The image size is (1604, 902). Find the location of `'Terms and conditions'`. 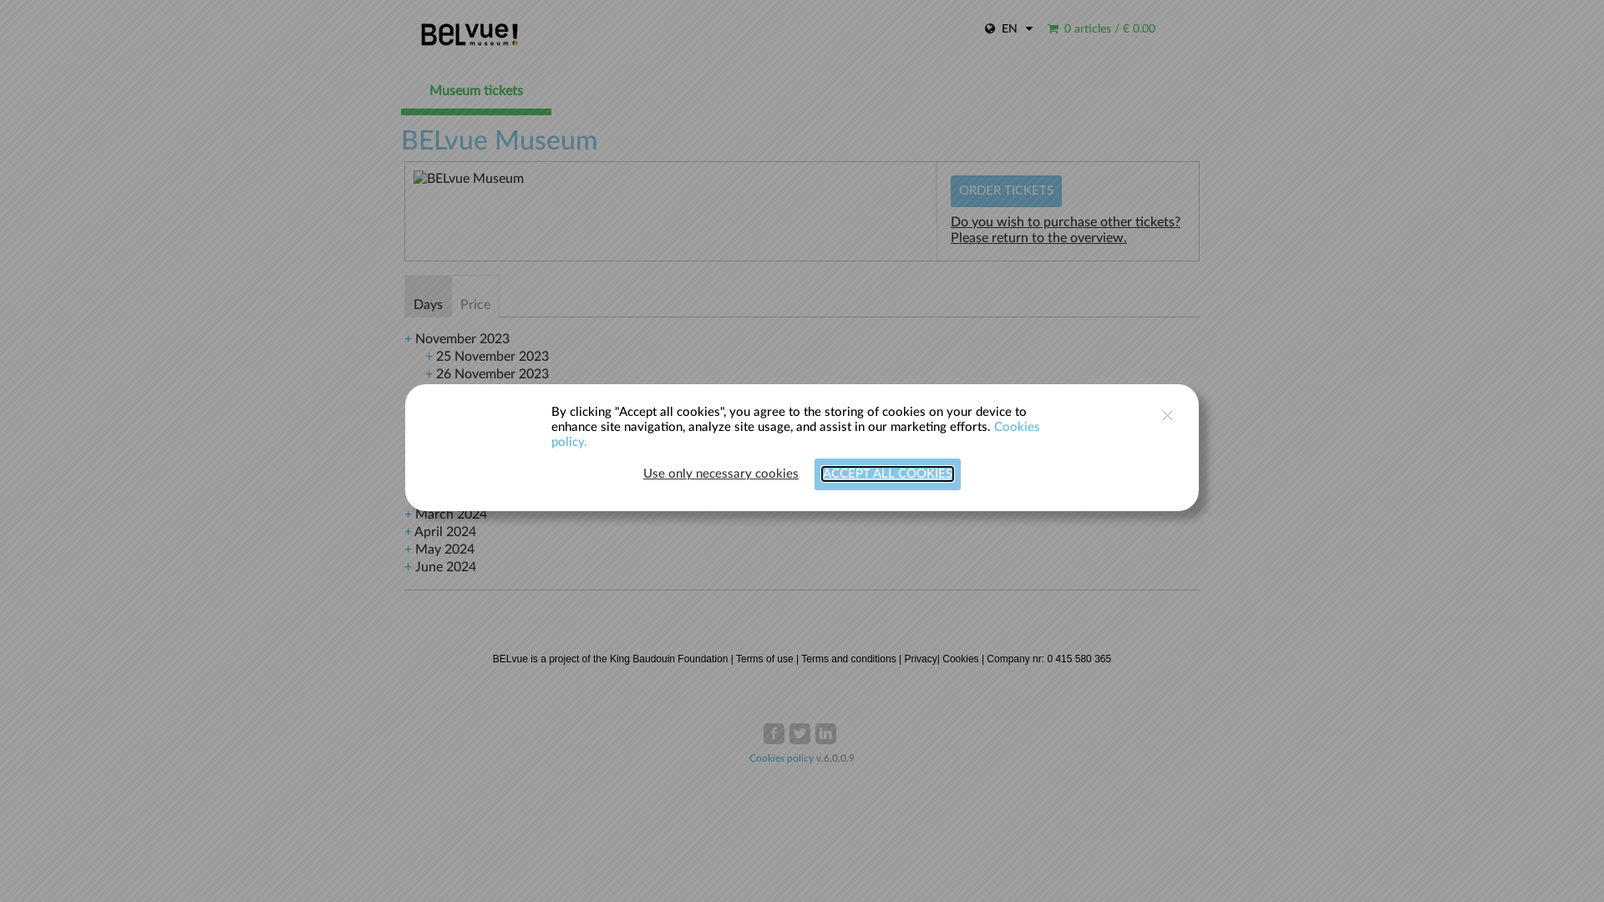

'Terms and conditions' is located at coordinates (800, 658).